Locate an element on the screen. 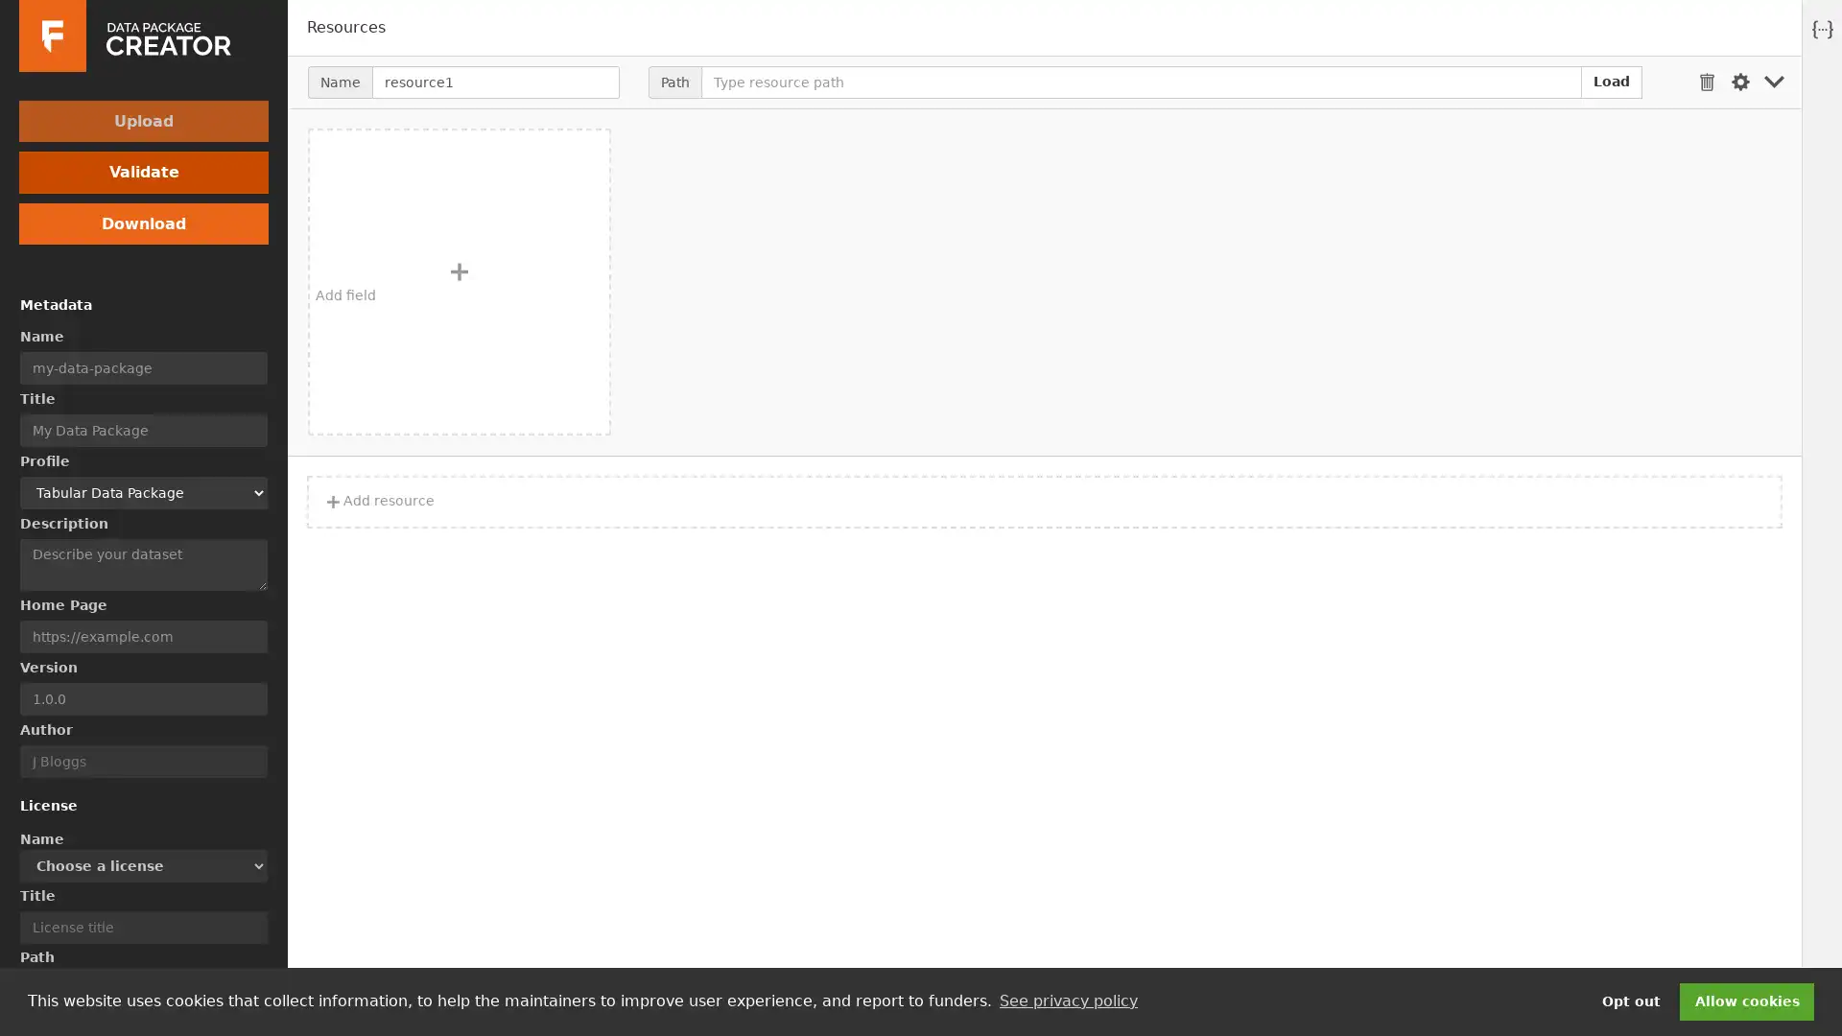  Add field is located at coordinates (459, 281).